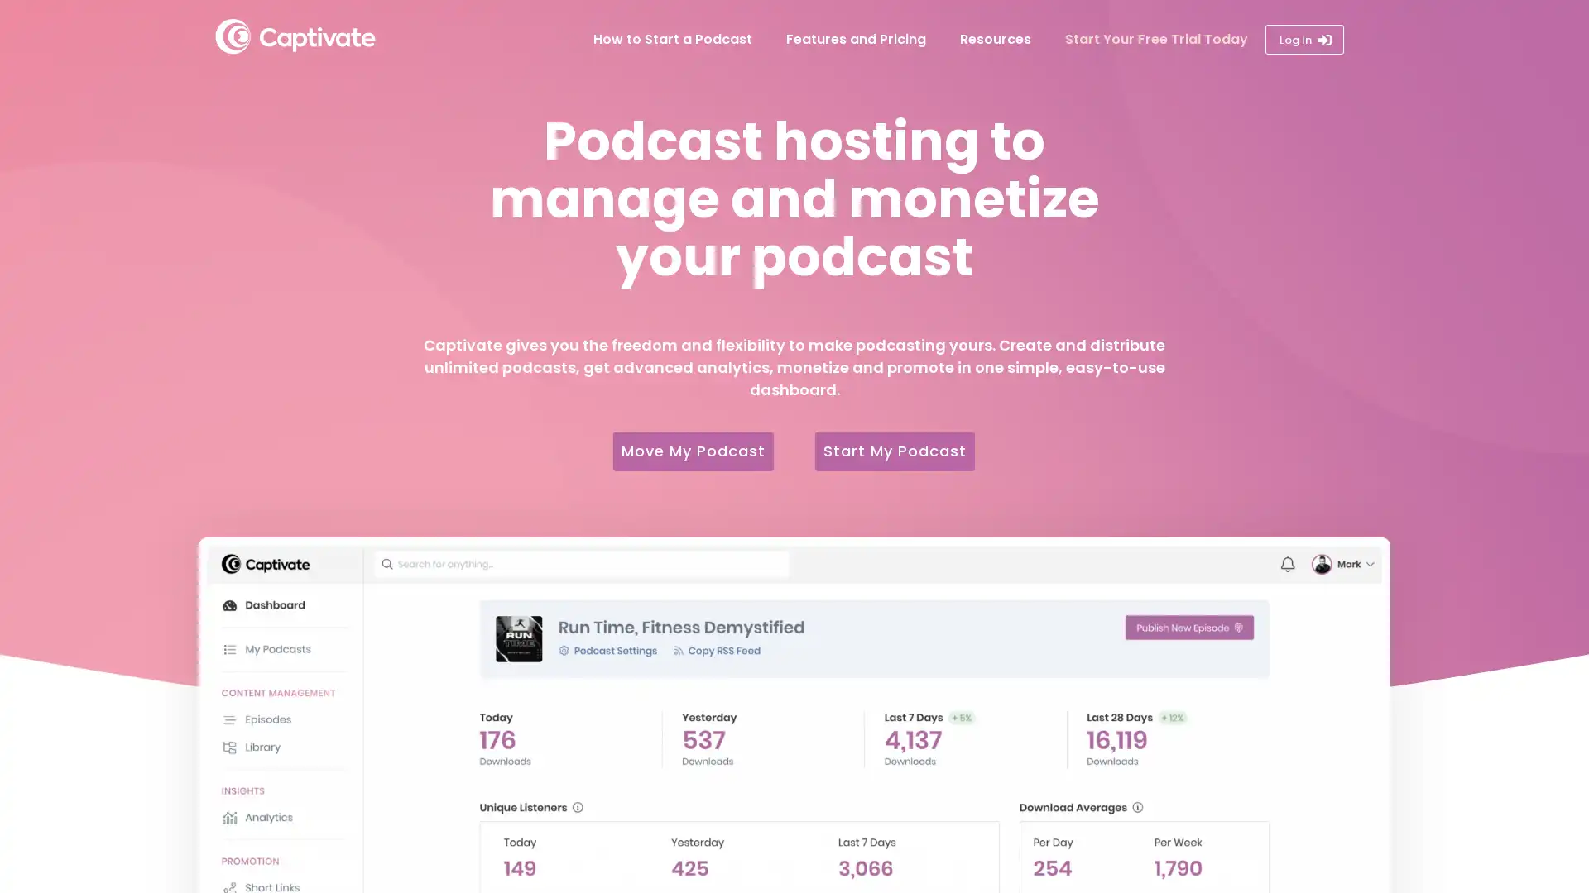  Describe the element at coordinates (687, 451) in the screenshot. I see `Move My Podcast` at that location.